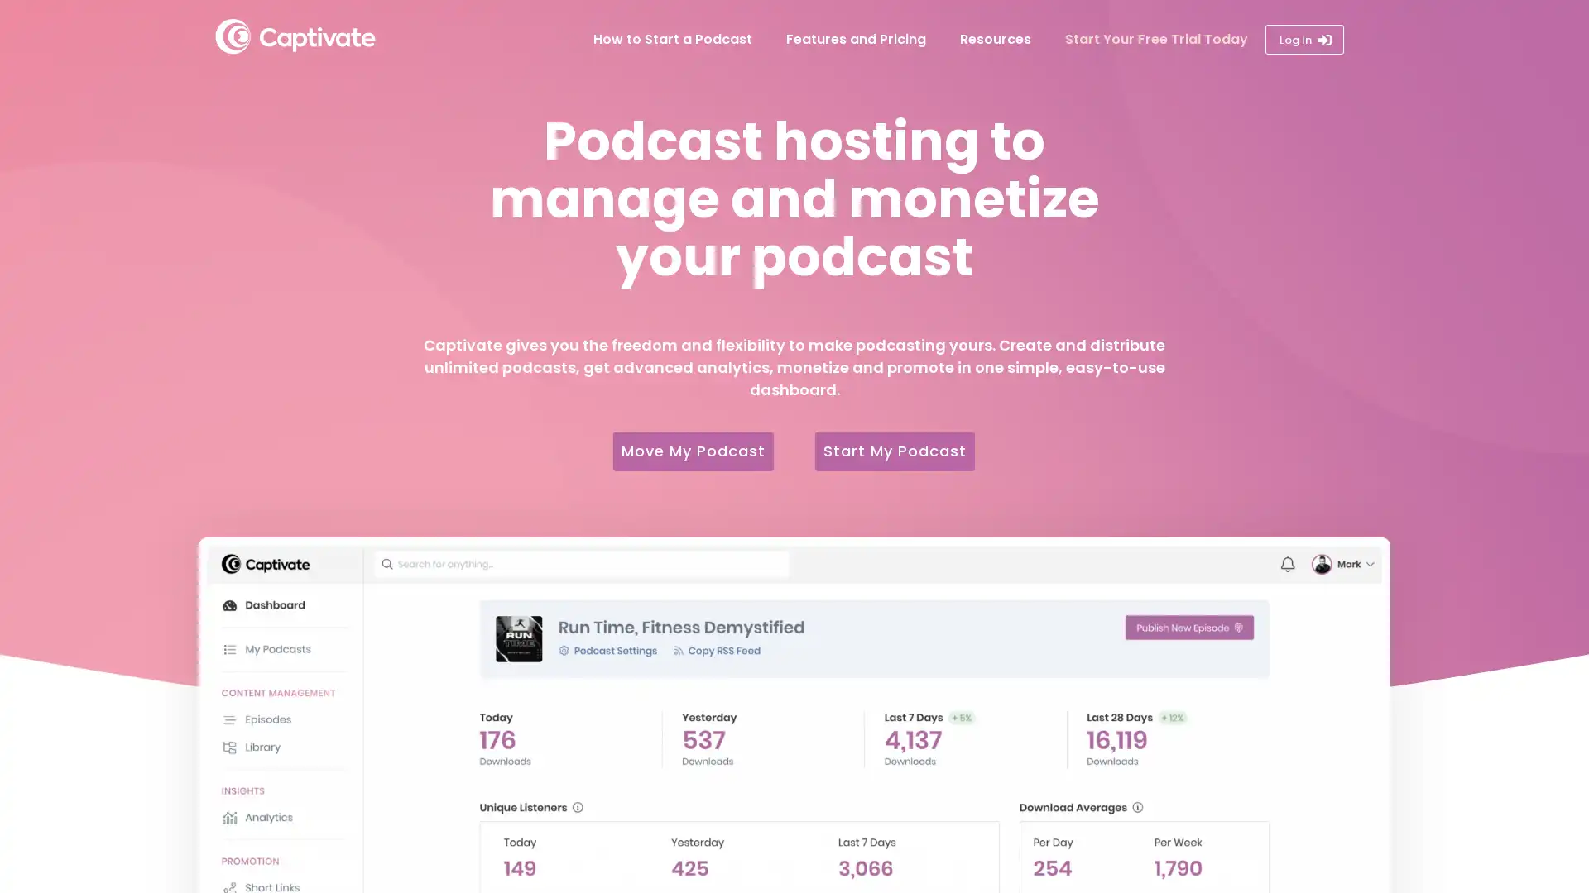  Describe the element at coordinates (687, 451) in the screenshot. I see `Move My Podcast` at that location.